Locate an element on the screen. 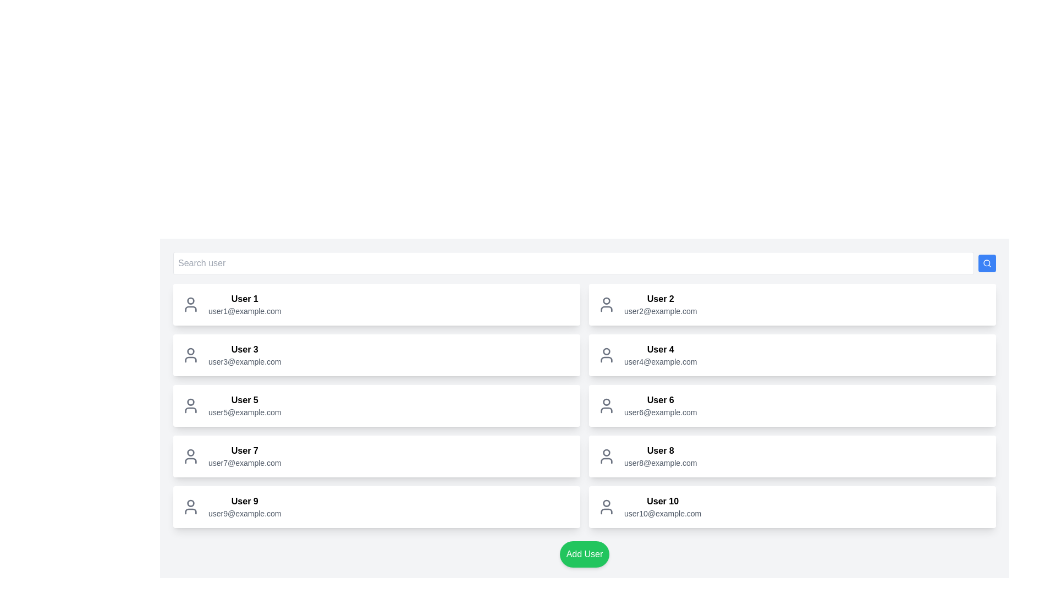 This screenshot has width=1056, height=594. the user silhouette icon representing 'User 8' in the user information card located in the second column's fourth row is located at coordinates (606, 456).